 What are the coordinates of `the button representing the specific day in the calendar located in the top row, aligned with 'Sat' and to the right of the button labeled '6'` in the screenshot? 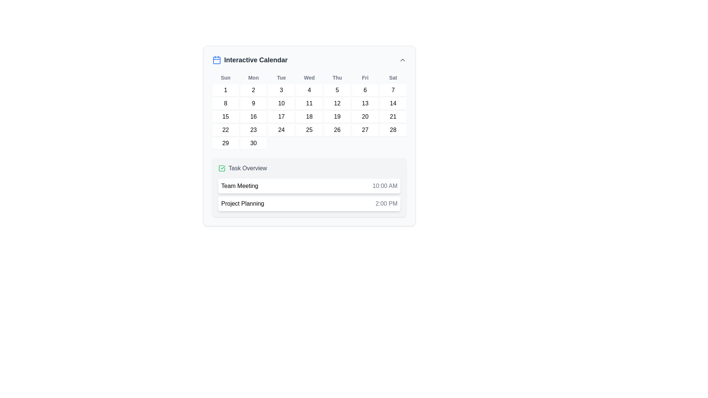 It's located at (393, 90).